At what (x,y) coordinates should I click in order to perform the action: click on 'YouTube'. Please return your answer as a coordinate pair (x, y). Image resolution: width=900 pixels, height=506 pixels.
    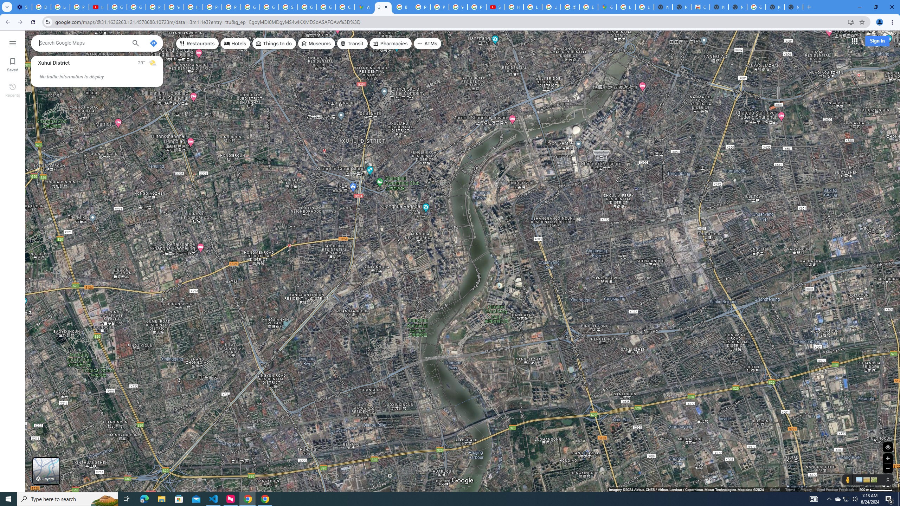
    Looking at the image, I should click on (174, 7).